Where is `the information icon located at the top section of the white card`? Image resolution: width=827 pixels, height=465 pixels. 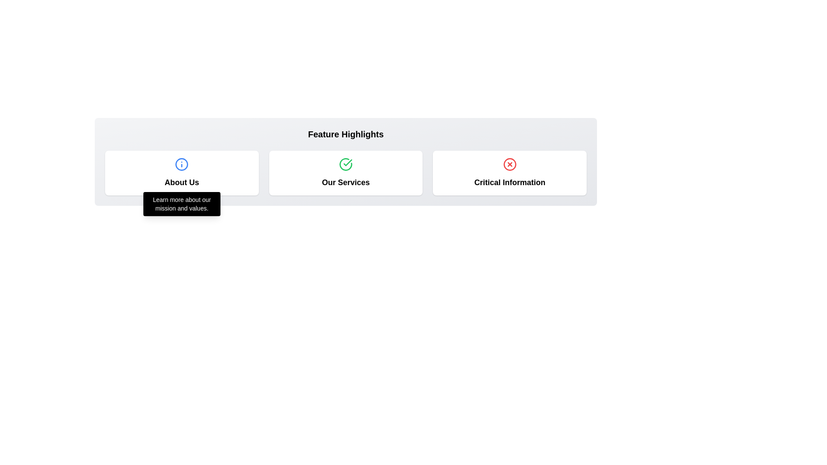 the information icon located at the top section of the white card is located at coordinates (181, 164).